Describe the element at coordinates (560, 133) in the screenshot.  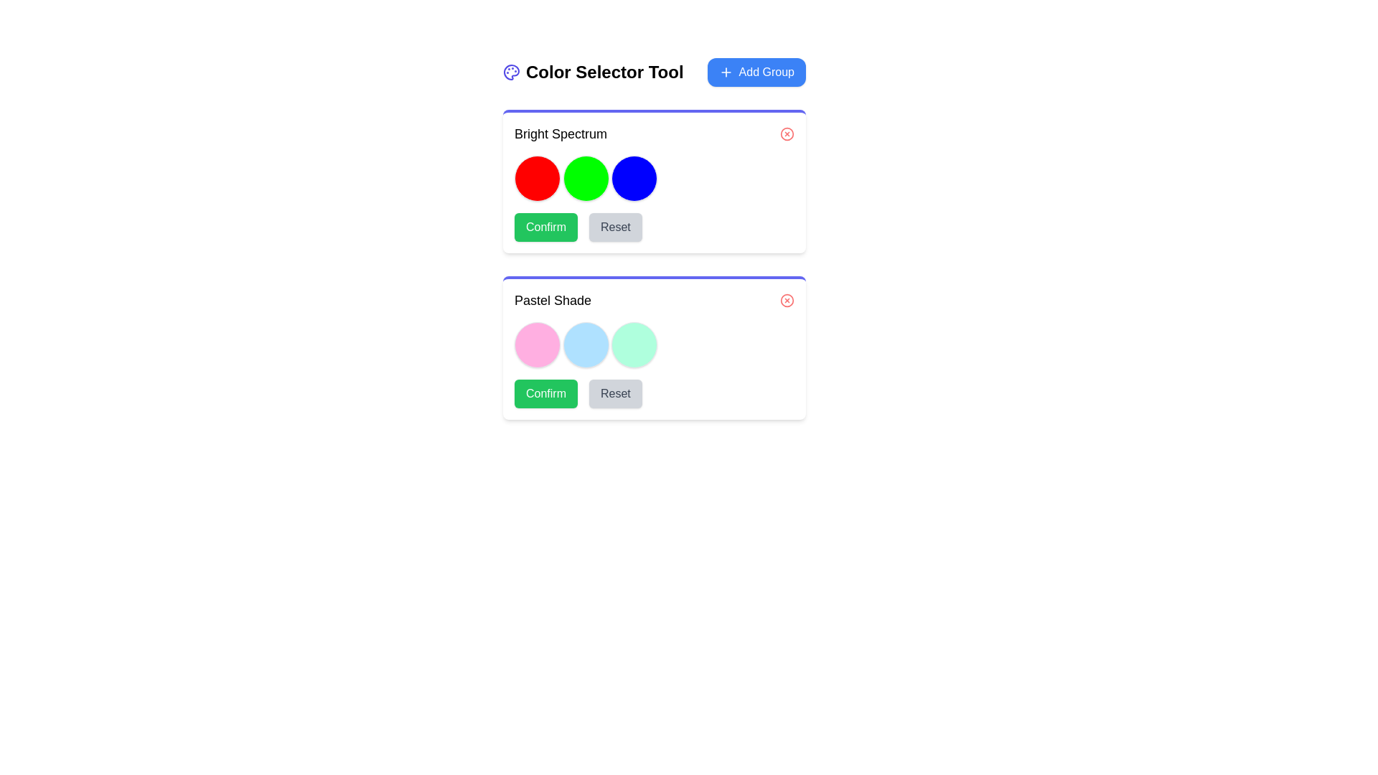
I see `Text label located at the top-left corner of the group containing colored circles, which serves as a title for the category` at that location.